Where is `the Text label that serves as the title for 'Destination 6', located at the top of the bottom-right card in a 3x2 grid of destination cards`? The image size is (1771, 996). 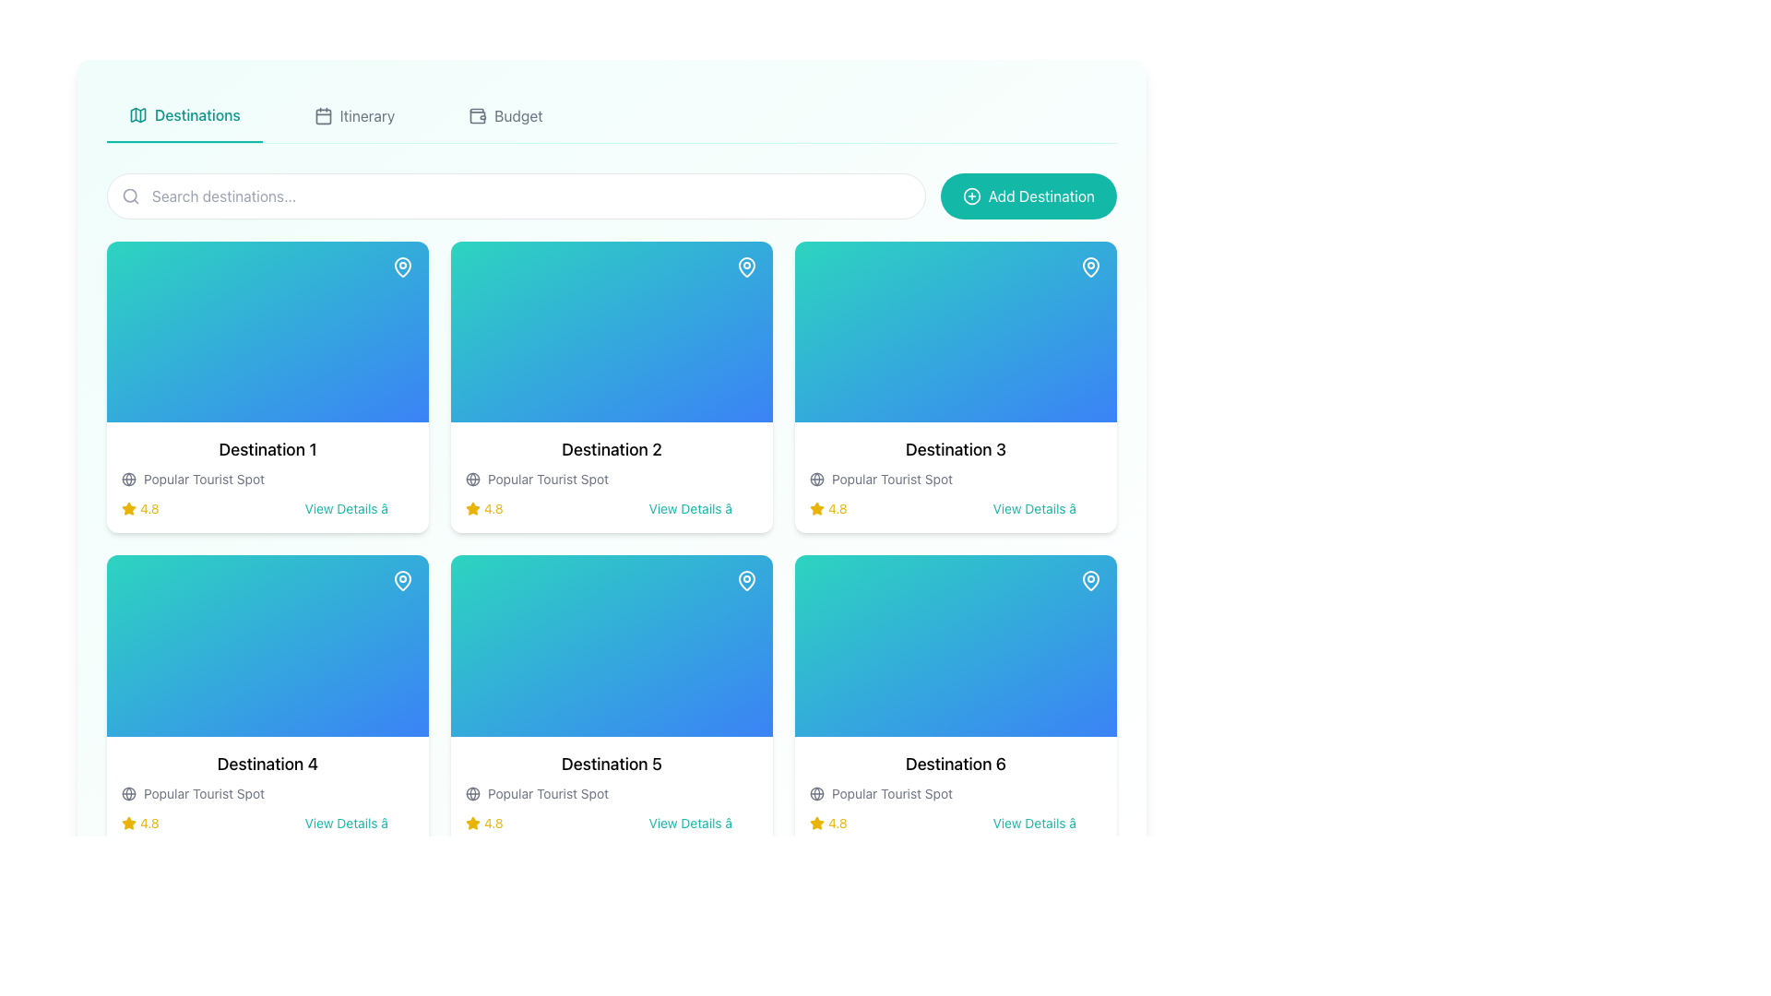 the Text label that serves as the title for 'Destination 6', located at the top of the bottom-right card in a 3x2 grid of destination cards is located at coordinates (956, 764).